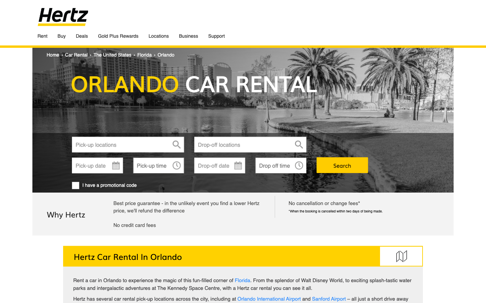  What do you see at coordinates (97, 165) in the screenshot?
I see `the initiation and conclusion date for scheduling` at bounding box center [97, 165].